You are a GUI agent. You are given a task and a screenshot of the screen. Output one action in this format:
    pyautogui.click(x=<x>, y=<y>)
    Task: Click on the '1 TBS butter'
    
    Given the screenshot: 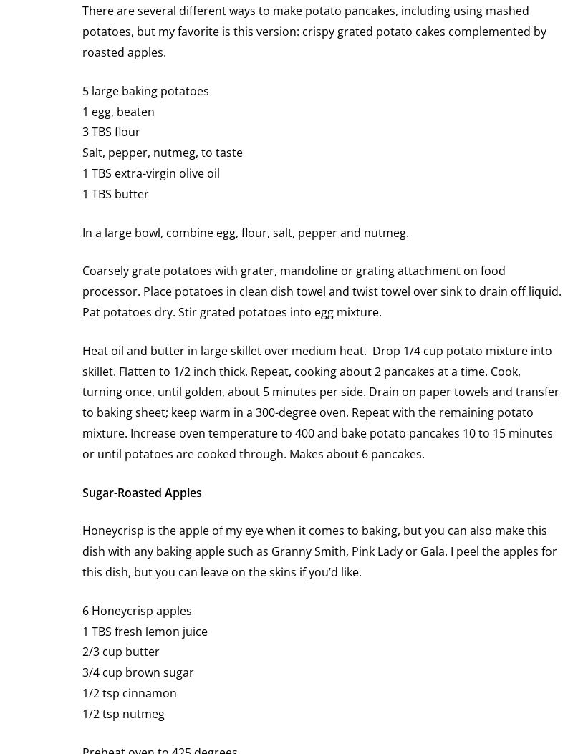 What is the action you would take?
    pyautogui.click(x=115, y=192)
    